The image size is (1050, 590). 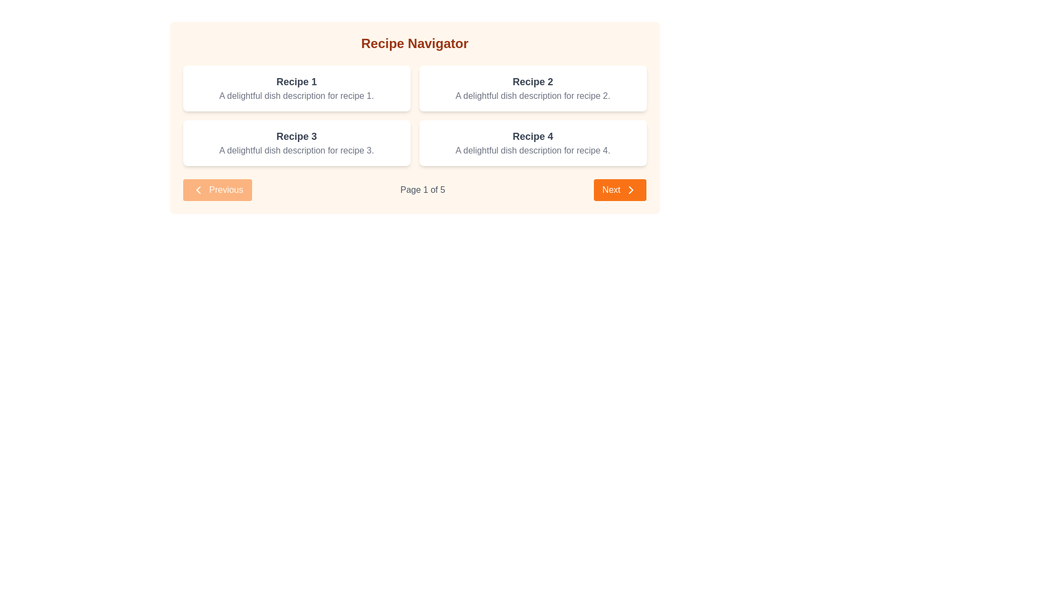 I want to click on the 'Recipe 1' display card, which is the first card in the grid layout, so click(x=296, y=88).